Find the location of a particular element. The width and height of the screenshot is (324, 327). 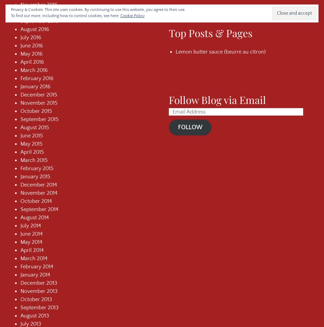

'October 2013' is located at coordinates (20, 299).